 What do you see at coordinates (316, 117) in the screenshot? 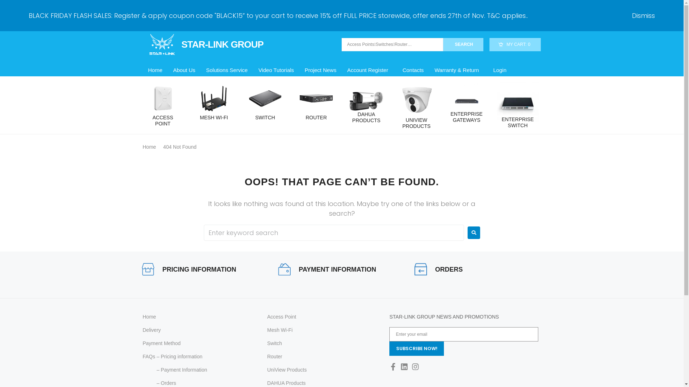
I see `'ROUTER'` at bounding box center [316, 117].